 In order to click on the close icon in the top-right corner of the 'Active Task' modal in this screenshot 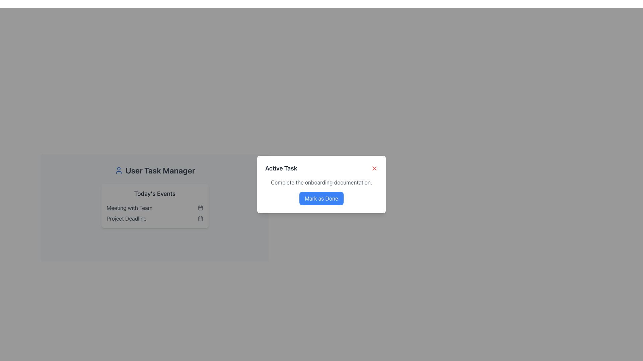, I will do `click(374, 168)`.